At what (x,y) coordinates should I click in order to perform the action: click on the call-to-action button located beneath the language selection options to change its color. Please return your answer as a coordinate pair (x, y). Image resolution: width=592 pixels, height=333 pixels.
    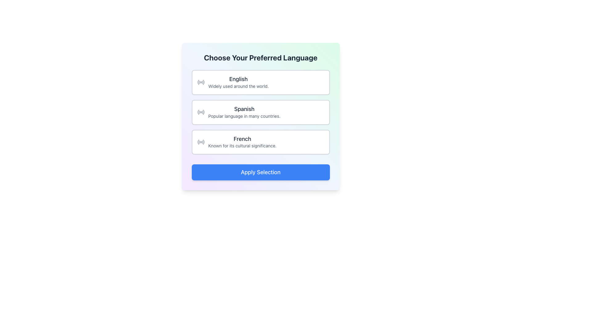
    Looking at the image, I should click on (261, 172).